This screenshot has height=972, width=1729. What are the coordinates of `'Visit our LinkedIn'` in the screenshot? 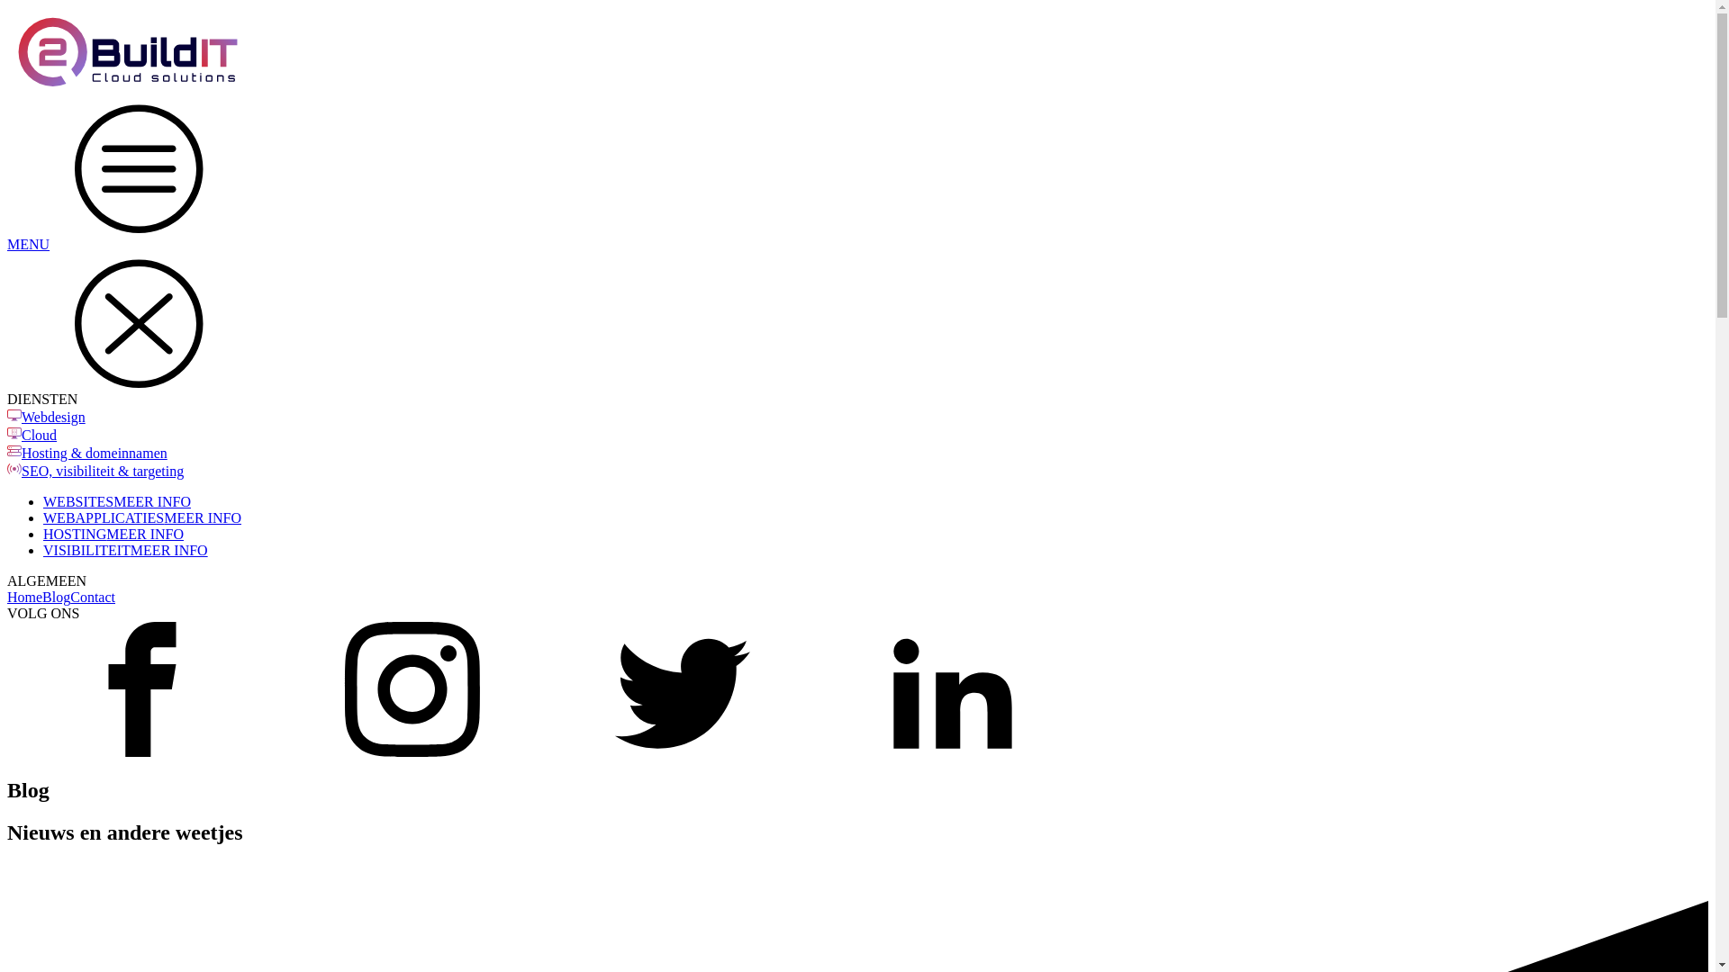 It's located at (951, 751).